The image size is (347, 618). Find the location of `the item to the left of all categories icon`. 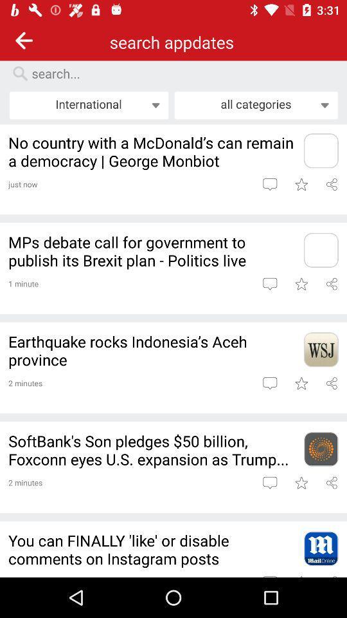

the item to the left of all categories icon is located at coordinates (88, 104).